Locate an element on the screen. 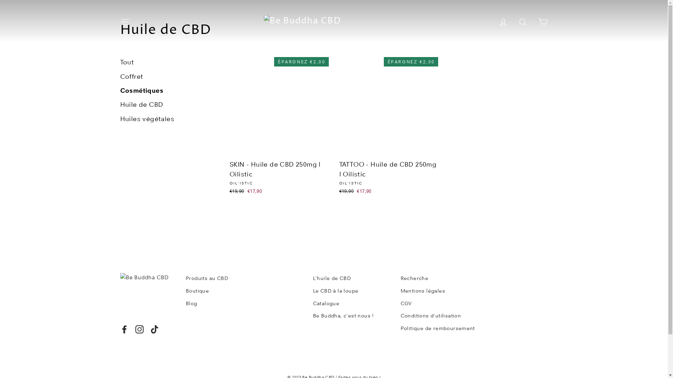  'CGV' is located at coordinates (439, 303).